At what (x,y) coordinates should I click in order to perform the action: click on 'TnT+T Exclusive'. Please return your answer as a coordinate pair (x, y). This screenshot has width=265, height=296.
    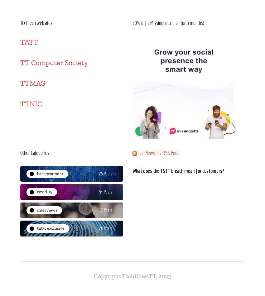
    Looking at the image, I should click on (37, 228).